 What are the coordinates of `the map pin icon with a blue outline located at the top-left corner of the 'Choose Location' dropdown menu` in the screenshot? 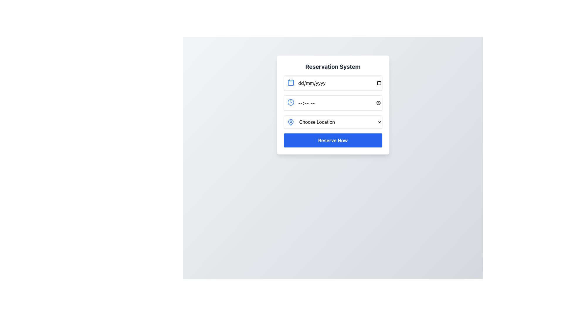 It's located at (291, 122).